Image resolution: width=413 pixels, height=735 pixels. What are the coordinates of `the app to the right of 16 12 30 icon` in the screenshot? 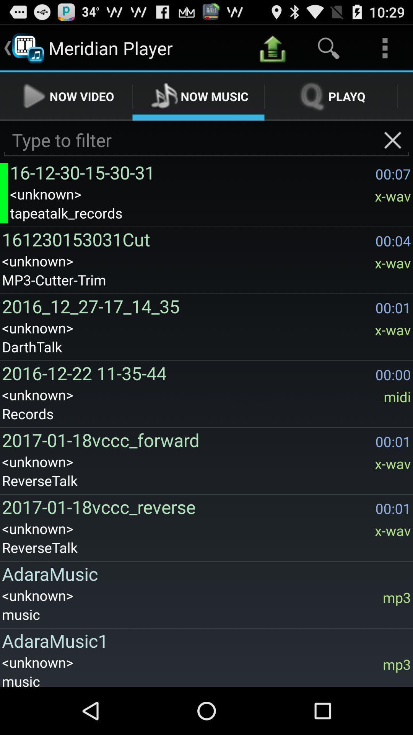 It's located at (393, 140).